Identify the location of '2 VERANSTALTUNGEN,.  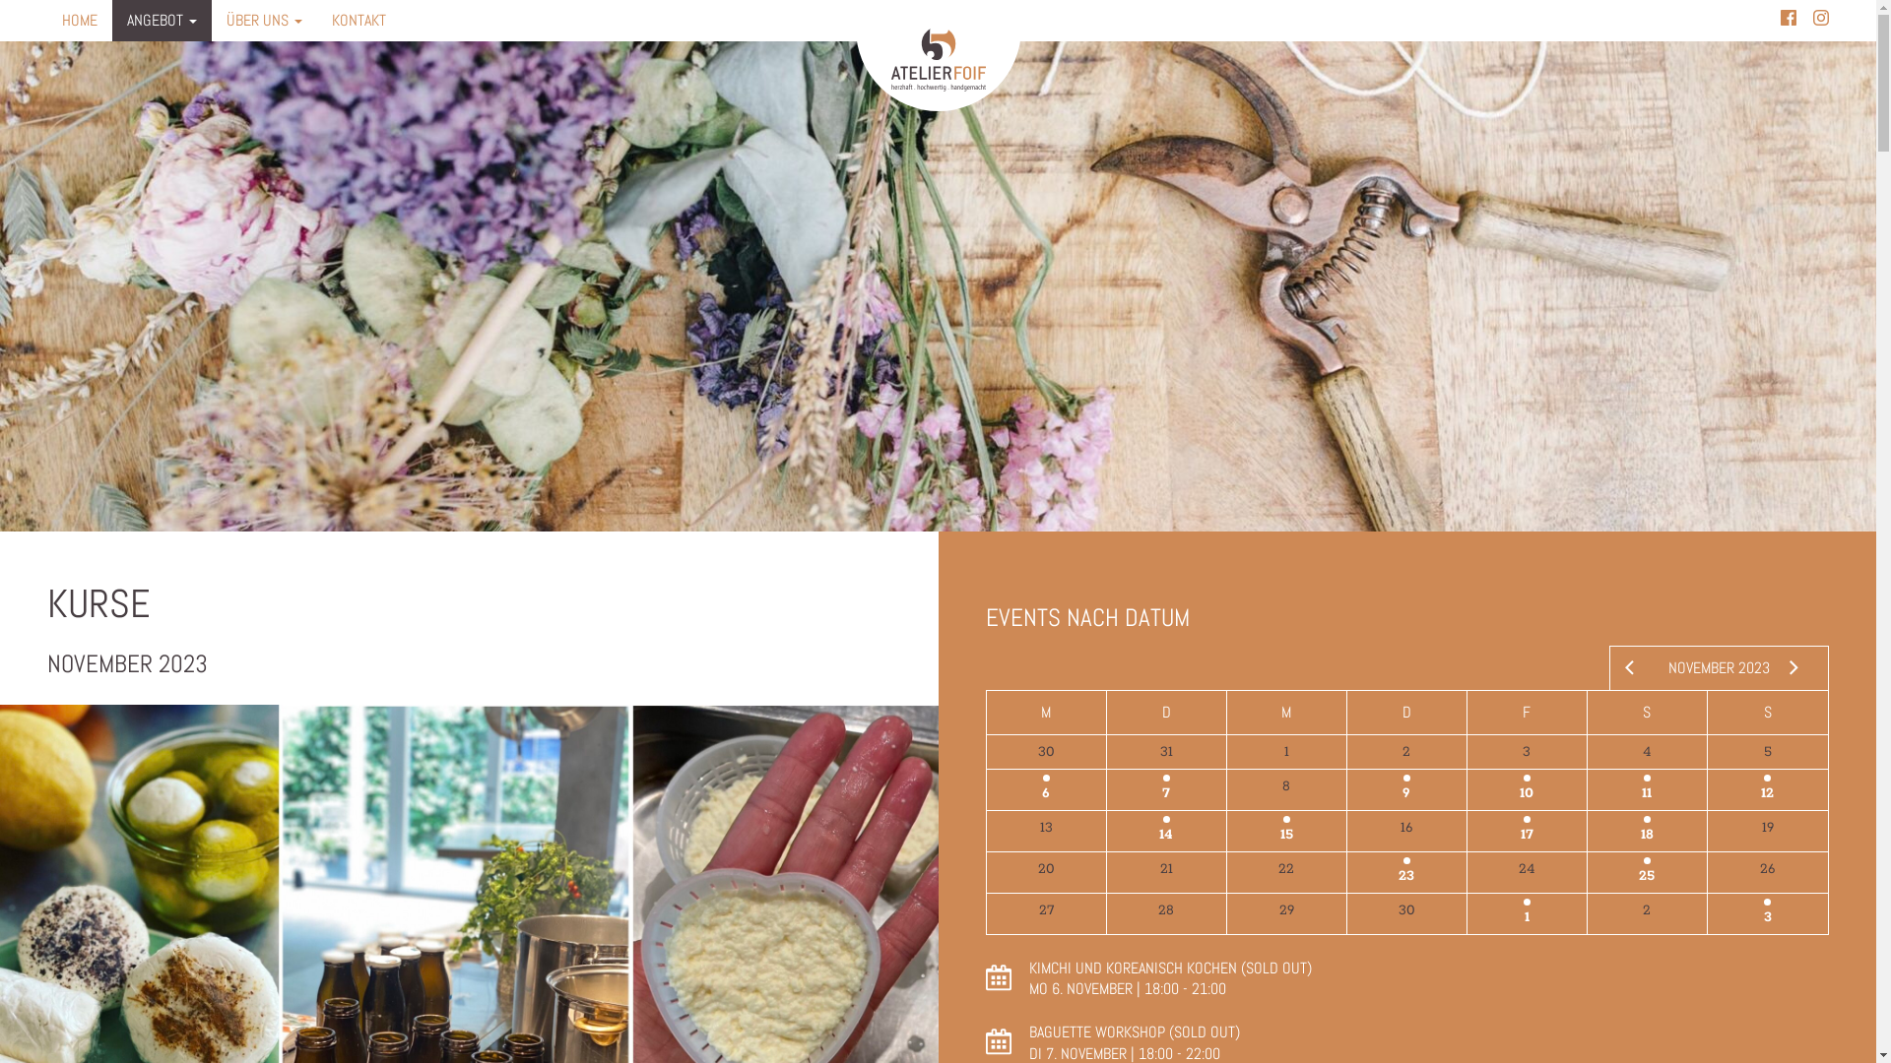
(1706, 788).